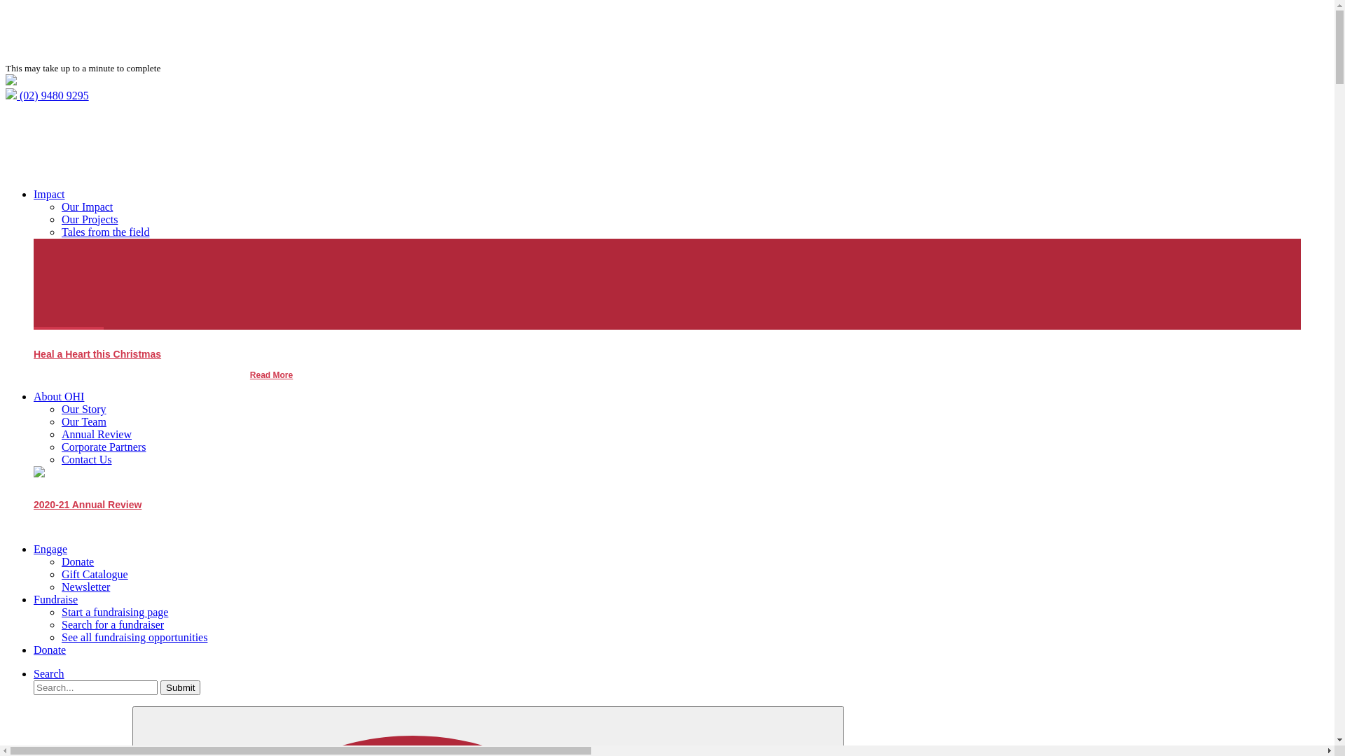  Describe the element at coordinates (249, 374) in the screenshot. I see `'Read More'` at that location.